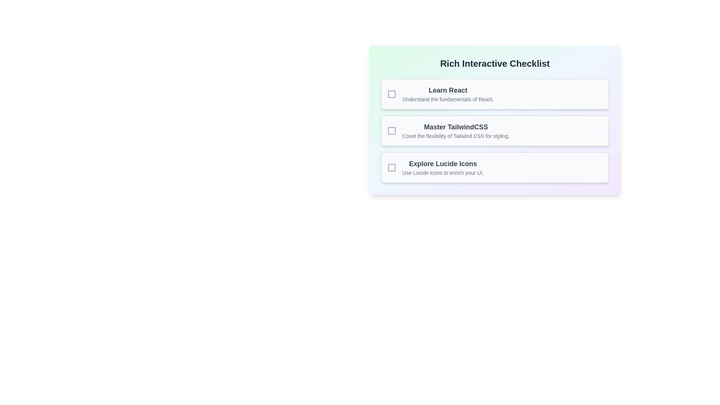 Image resolution: width=720 pixels, height=405 pixels. I want to click on the descriptive text label that provides context about the checklist item titled 'Explore Lucide Icons,' located directly below the title, so click(443, 173).